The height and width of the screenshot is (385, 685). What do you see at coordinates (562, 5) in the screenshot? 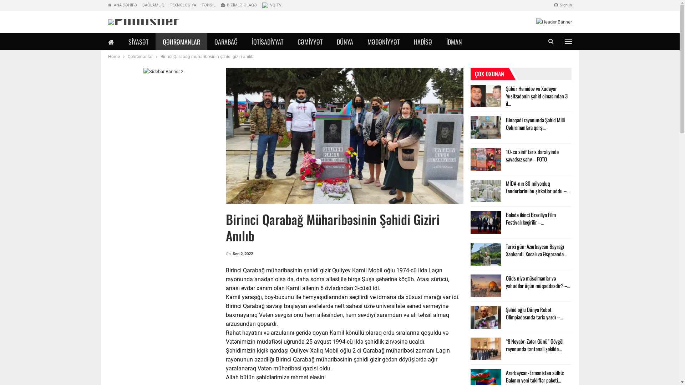
I see `'Sign In'` at bounding box center [562, 5].